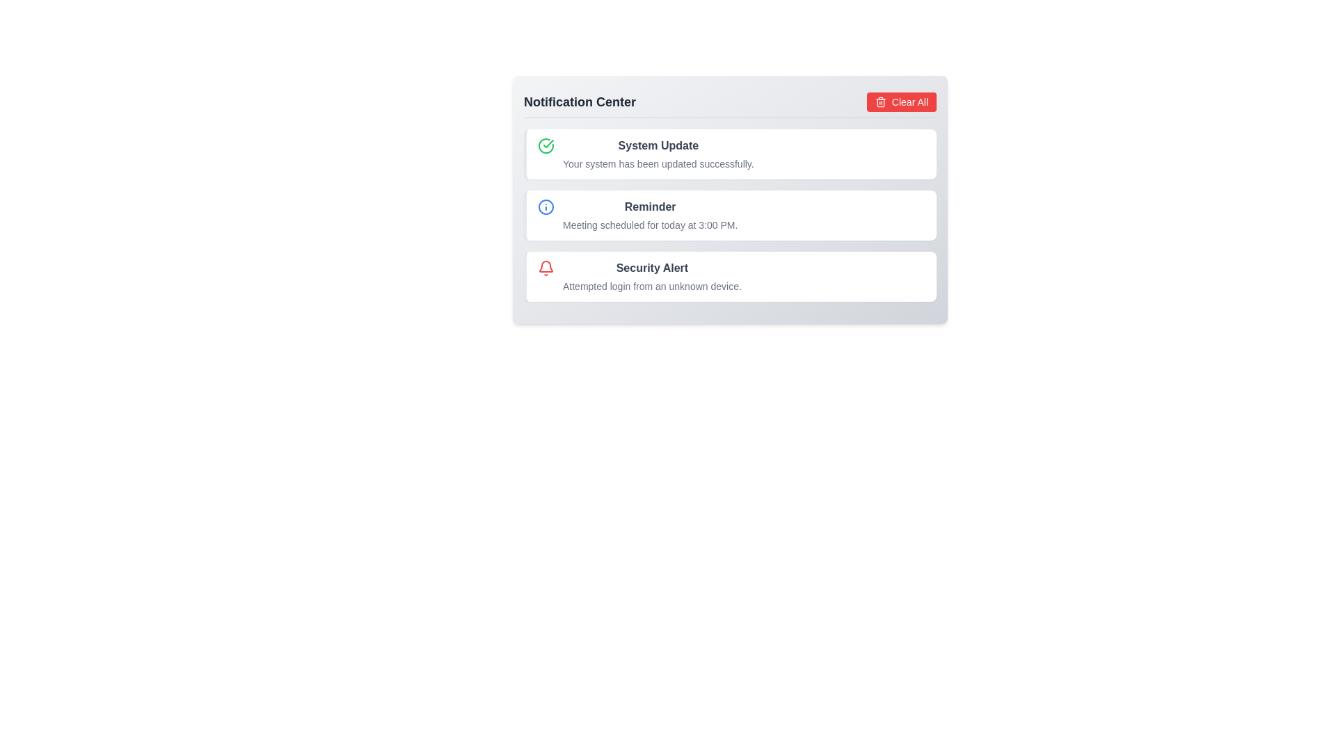 The width and height of the screenshot is (1336, 751). Describe the element at coordinates (658, 163) in the screenshot. I see `static text label that states 'Your system has been updated successfully.' located within the first notification block below the header 'System Update'` at that location.